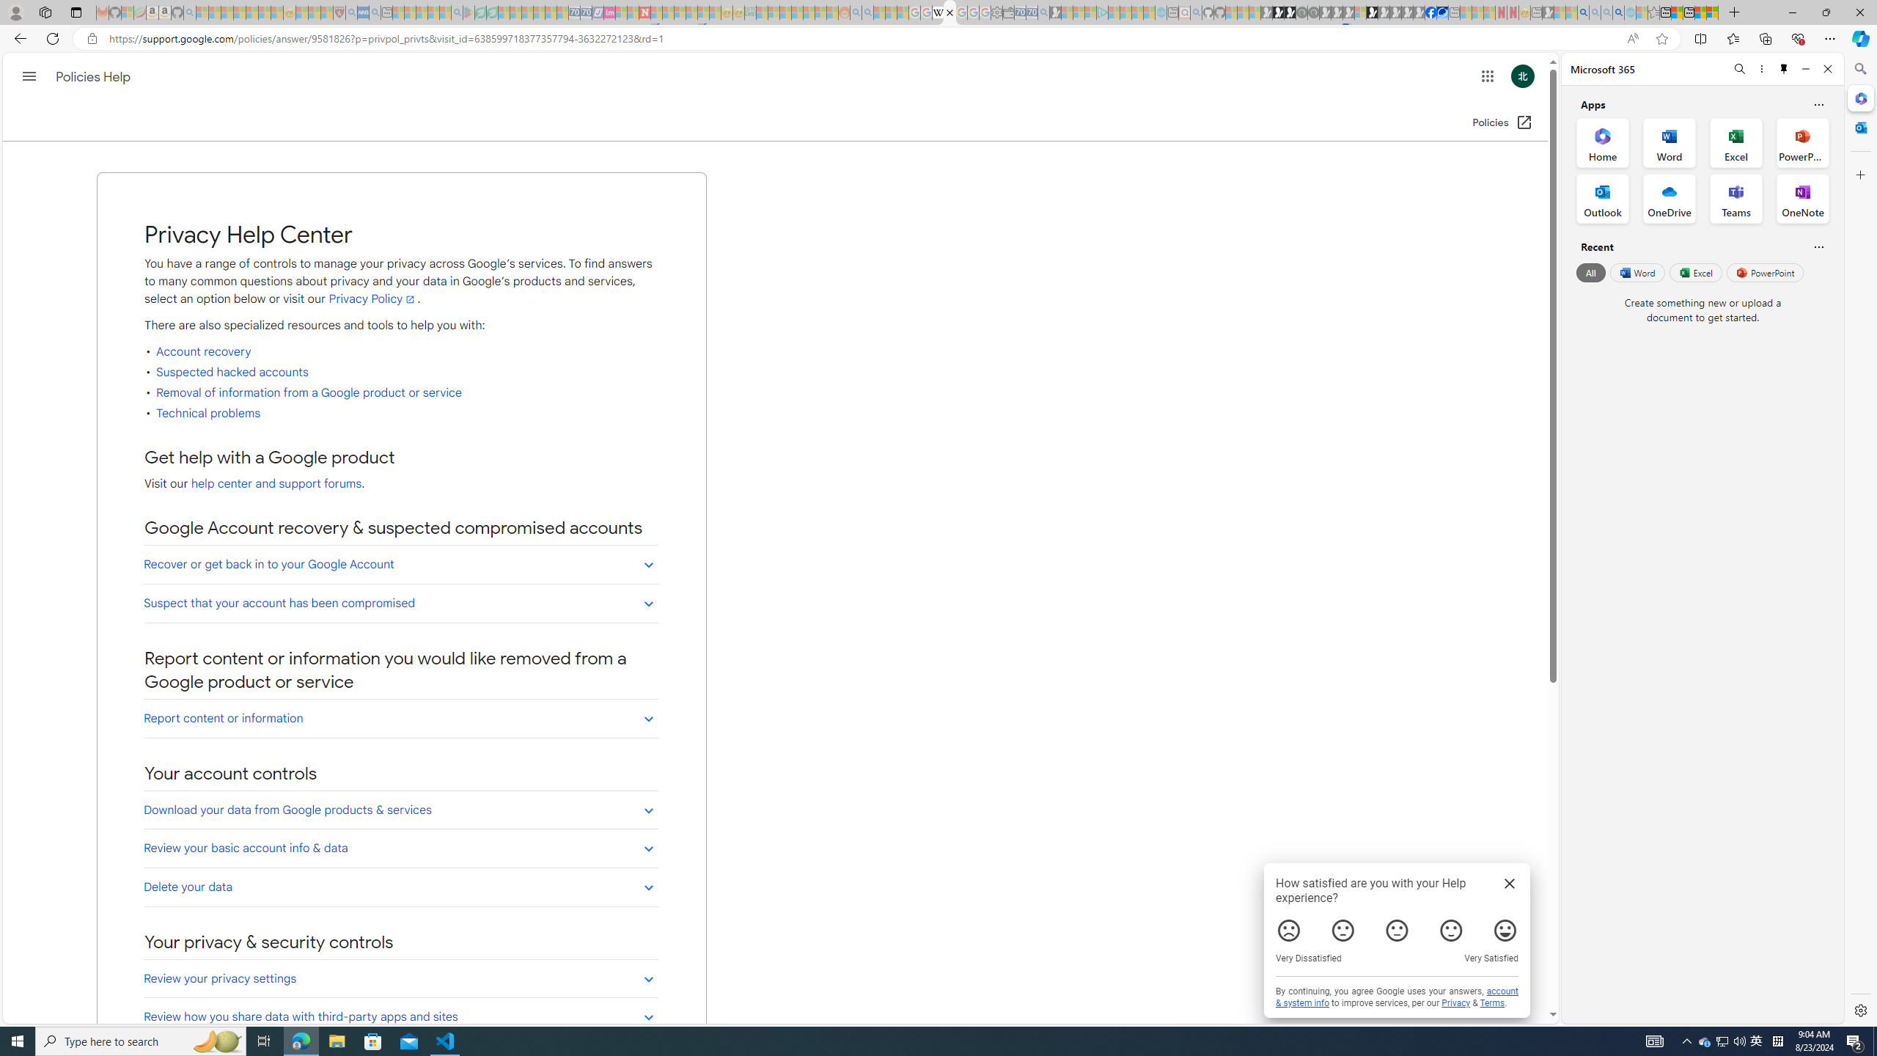 This screenshot has width=1877, height=1056. What do you see at coordinates (1509, 882) in the screenshot?
I see `'Close user survey dialog'` at bounding box center [1509, 882].